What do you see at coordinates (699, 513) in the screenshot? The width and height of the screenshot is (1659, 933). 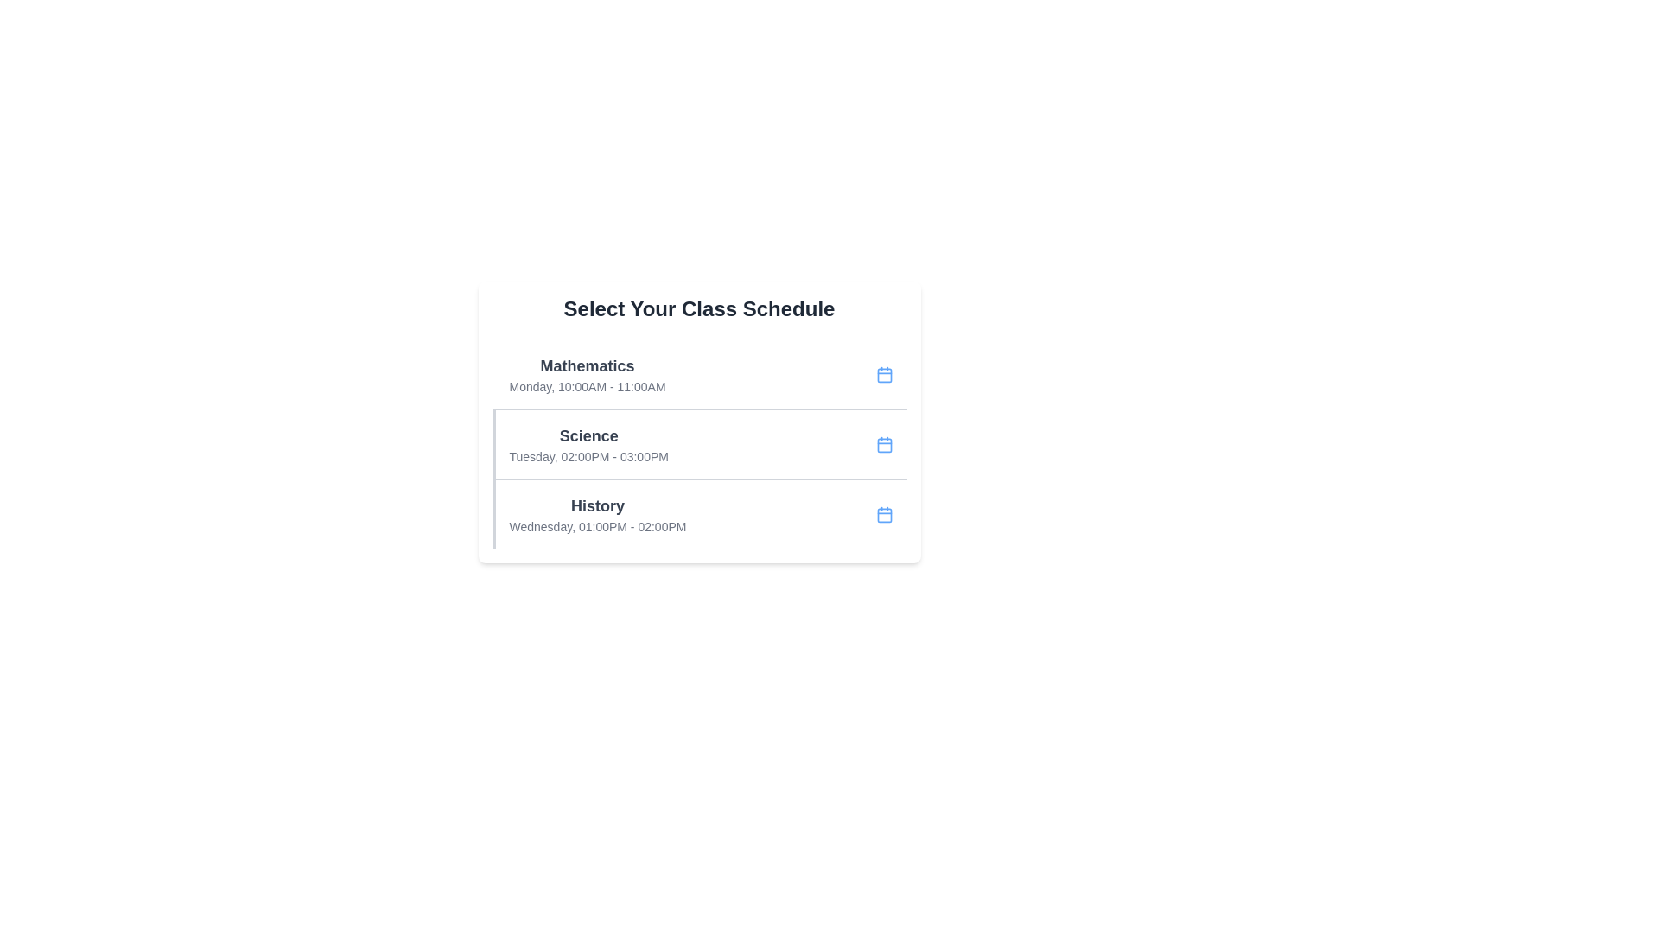 I see `displayed information from the List Item or Schedule Block that contains the event 'History' with the date and time 'Wednesday, 01:00PM - 02:00PM'` at bounding box center [699, 513].